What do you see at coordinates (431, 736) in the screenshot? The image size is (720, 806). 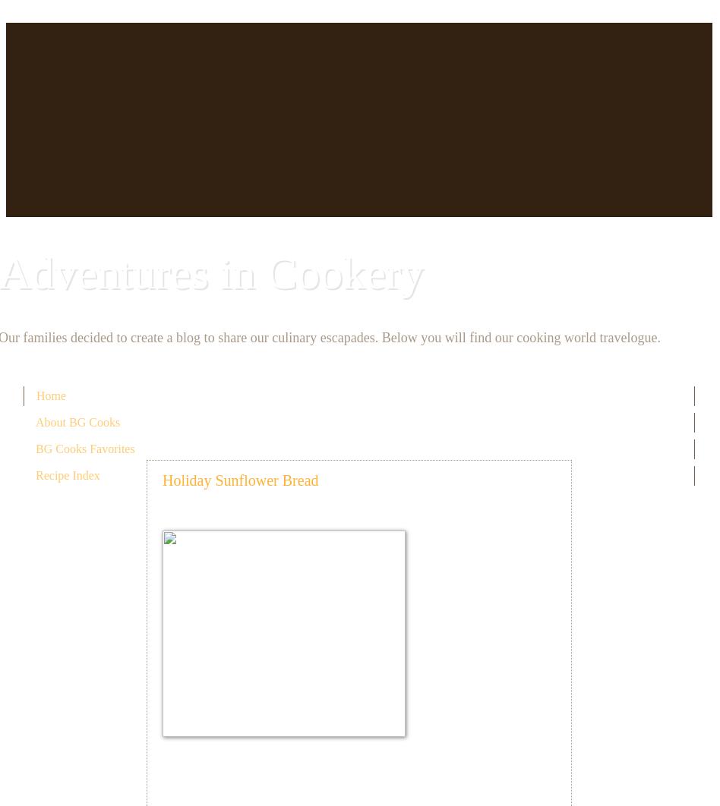 I see `'Sponge:'` at bounding box center [431, 736].